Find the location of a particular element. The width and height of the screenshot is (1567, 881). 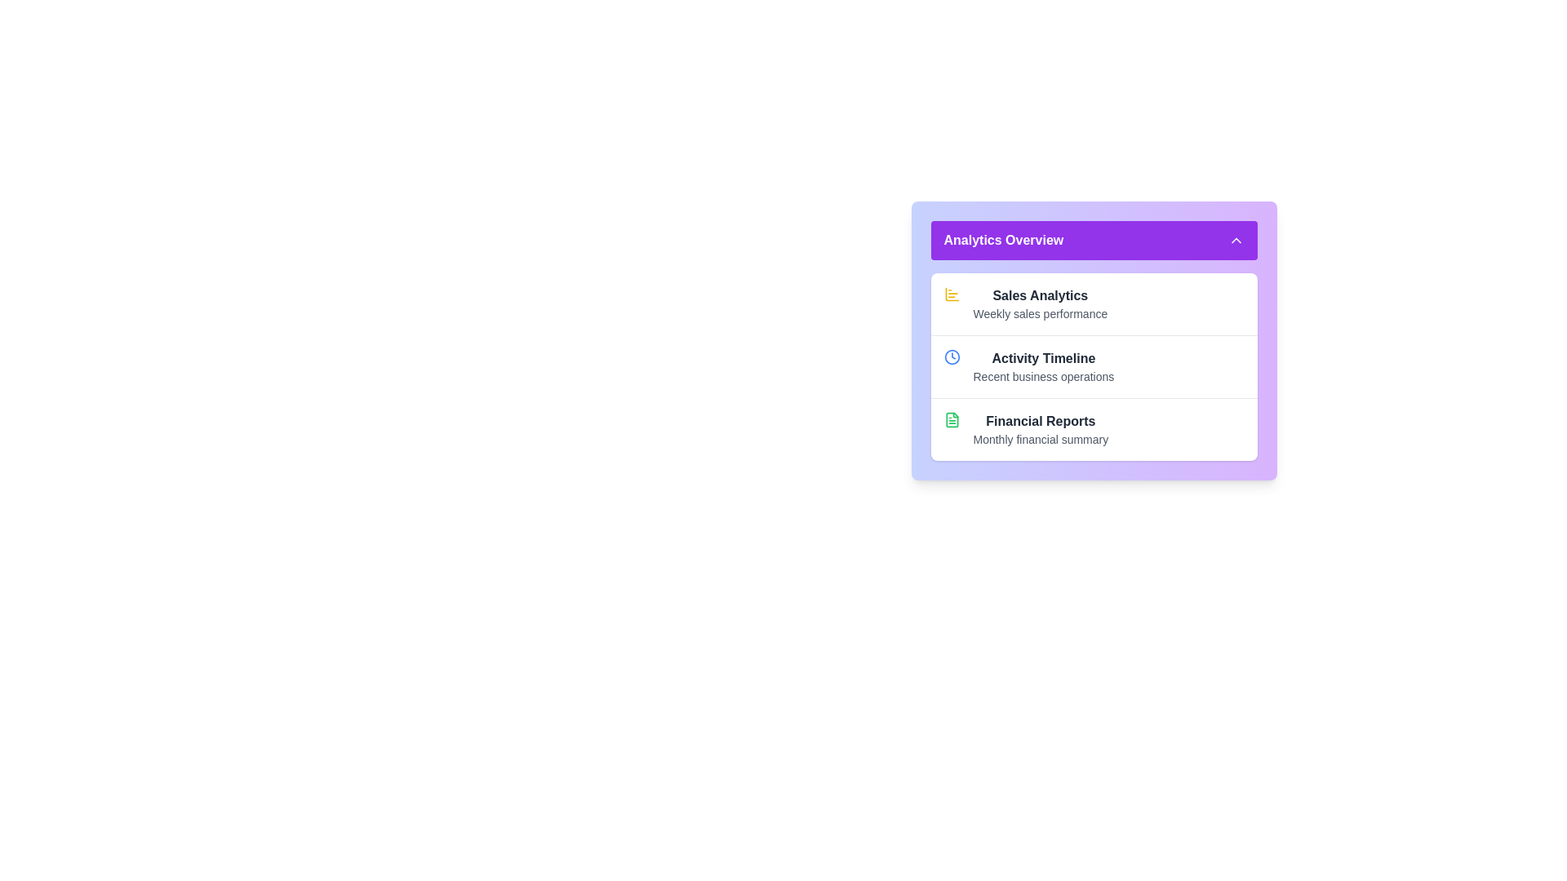

the time-related activities icon located in the 'Activity Timeline' section of the 'Analytics Overview' card is located at coordinates (952, 367).